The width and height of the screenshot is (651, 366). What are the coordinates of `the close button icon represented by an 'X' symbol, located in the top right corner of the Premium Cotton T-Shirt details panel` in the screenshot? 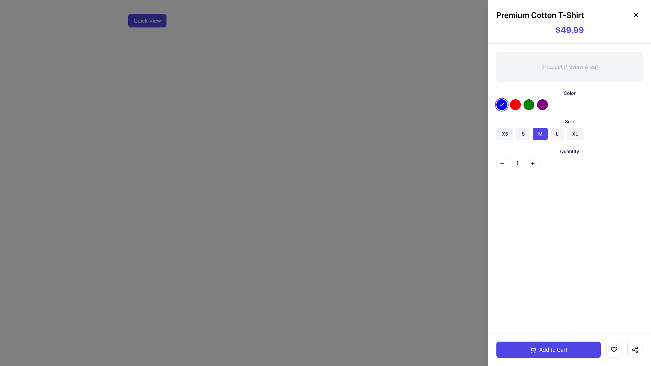 It's located at (636, 15).